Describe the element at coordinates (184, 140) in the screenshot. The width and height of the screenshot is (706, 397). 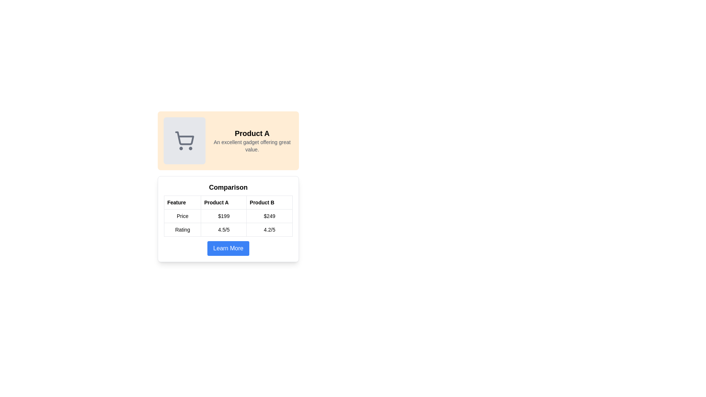
I see `the shopping cart icon, which is a gray SVG graphic featuring modern strokes and positioned to the left of the 'Product A' label` at that location.